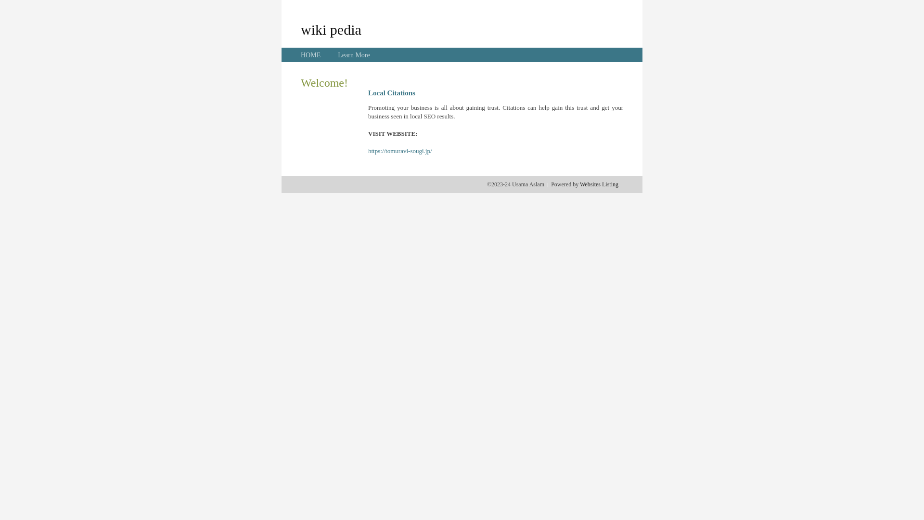  I want to click on 'HOME', so click(300, 55).